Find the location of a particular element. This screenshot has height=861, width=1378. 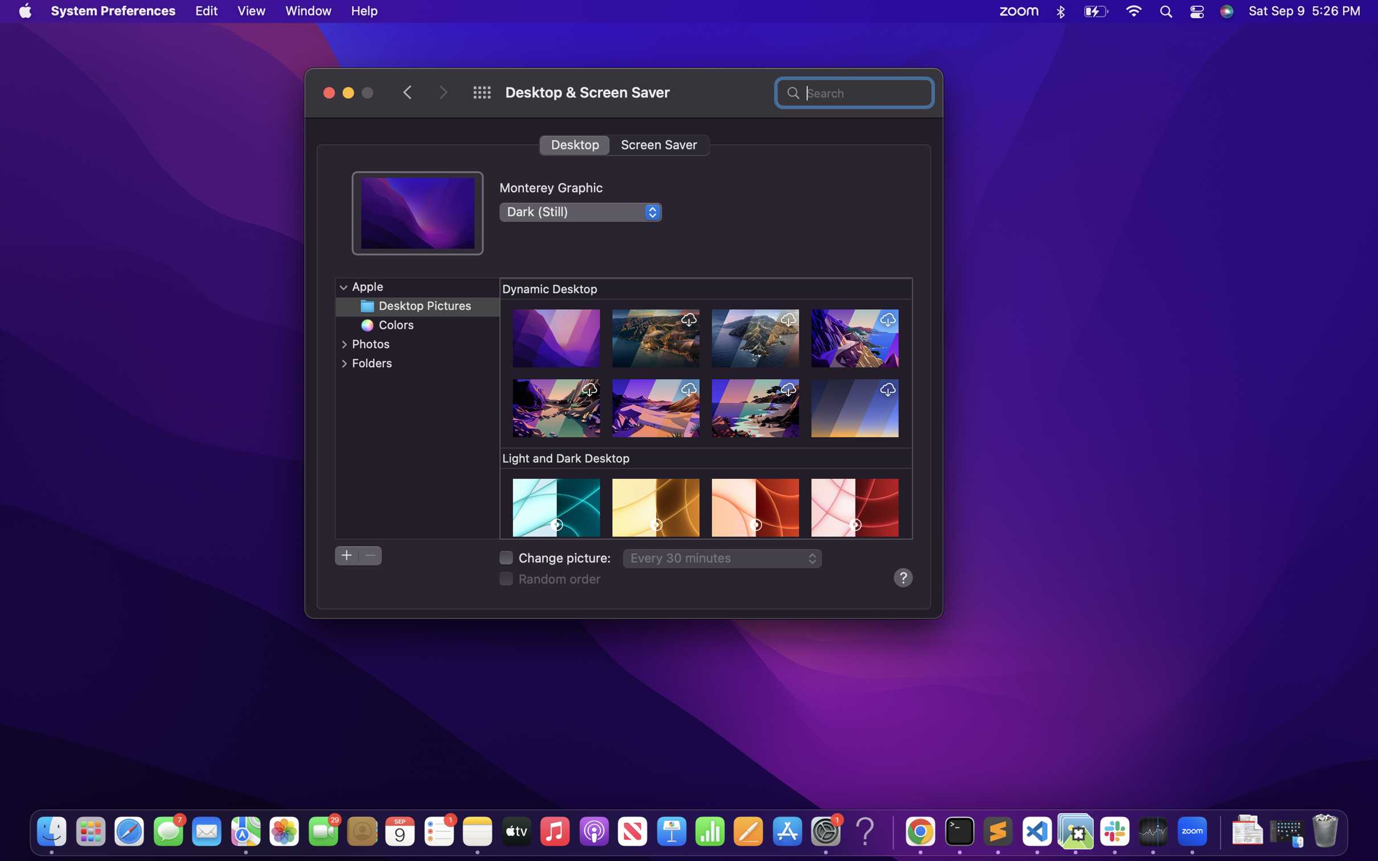

Traverse downwards in the active display is located at coordinates (707, 409).